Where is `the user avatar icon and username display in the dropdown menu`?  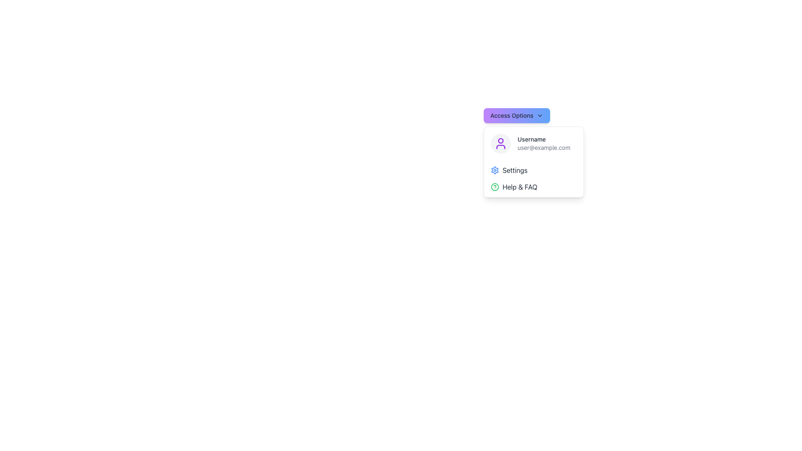 the user avatar icon and username display in the dropdown menu is located at coordinates (533, 143).